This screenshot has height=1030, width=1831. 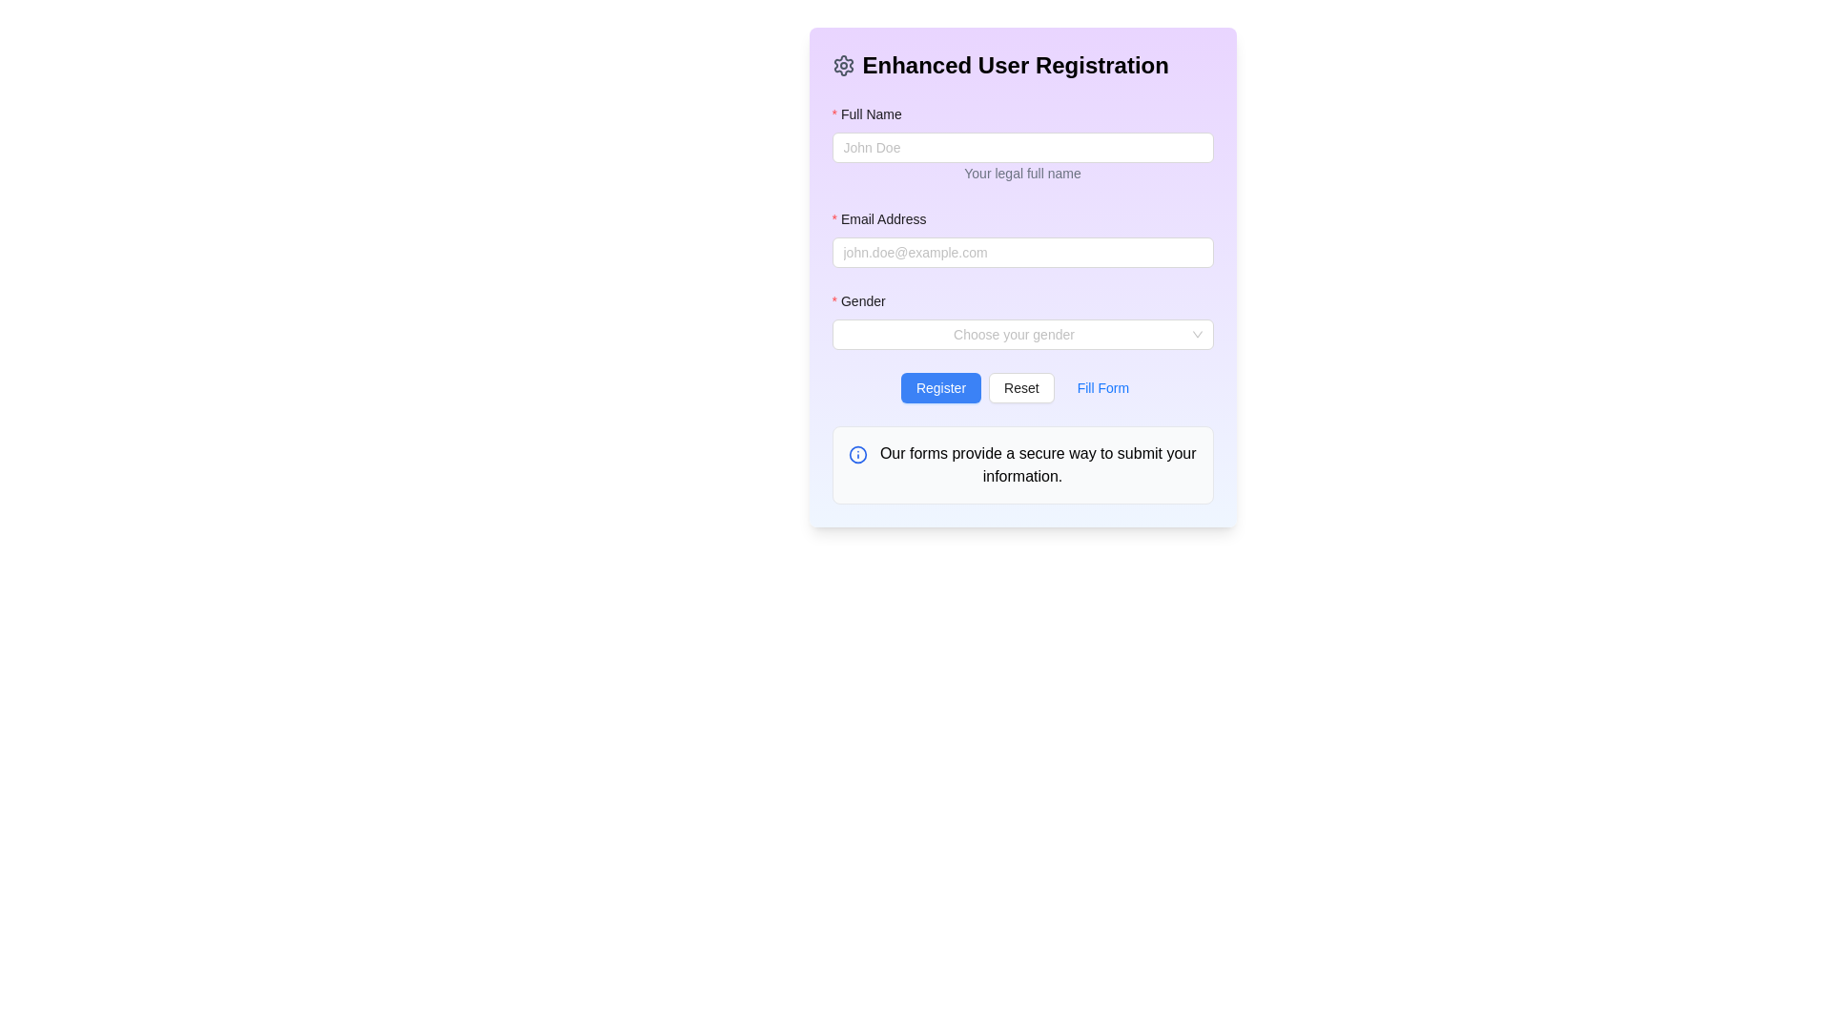 I want to click on the header element displaying 'Enhanced User Registration' with a gear icon, located at the top of its containing panel, so click(x=1021, y=65).